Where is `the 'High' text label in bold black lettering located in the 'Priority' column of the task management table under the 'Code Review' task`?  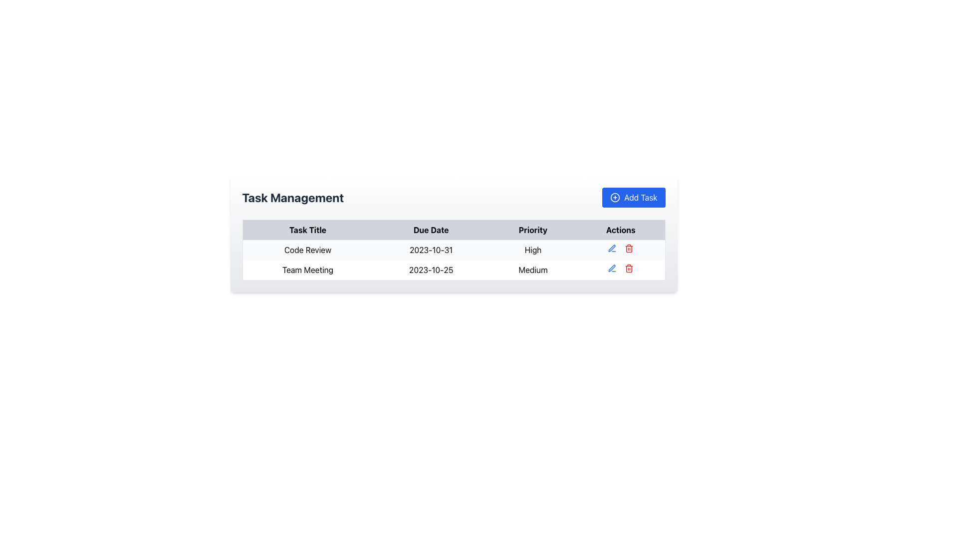 the 'High' text label in bold black lettering located in the 'Priority' column of the task management table under the 'Code Review' task is located at coordinates (532, 250).